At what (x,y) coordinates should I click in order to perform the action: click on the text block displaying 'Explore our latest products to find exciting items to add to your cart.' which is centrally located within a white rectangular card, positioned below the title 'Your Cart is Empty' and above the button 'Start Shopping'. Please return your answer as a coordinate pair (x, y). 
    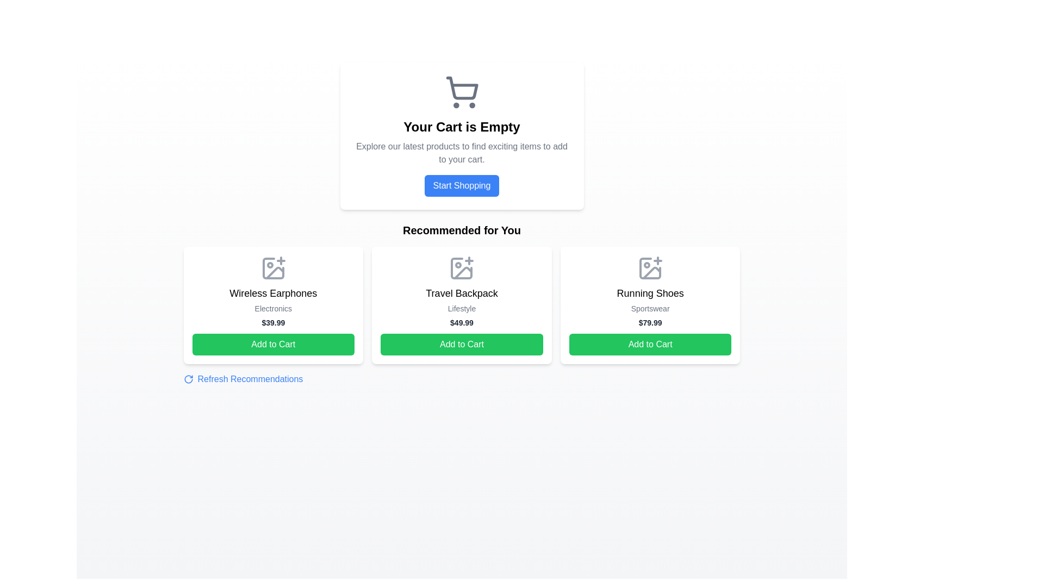
    Looking at the image, I should click on (462, 153).